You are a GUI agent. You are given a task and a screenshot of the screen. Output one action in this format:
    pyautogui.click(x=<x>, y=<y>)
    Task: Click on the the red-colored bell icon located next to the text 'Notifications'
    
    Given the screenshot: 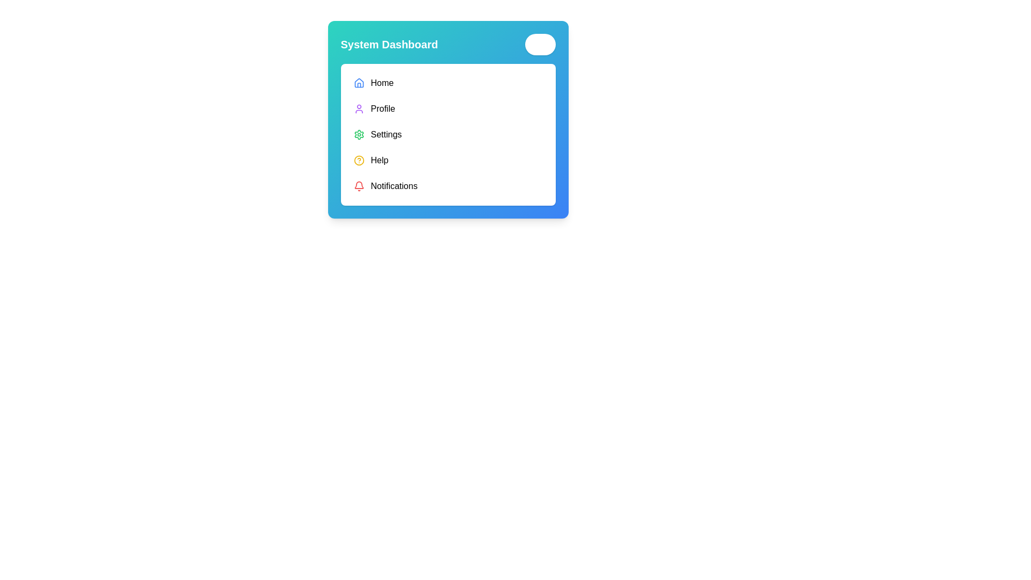 What is the action you would take?
    pyautogui.click(x=359, y=186)
    